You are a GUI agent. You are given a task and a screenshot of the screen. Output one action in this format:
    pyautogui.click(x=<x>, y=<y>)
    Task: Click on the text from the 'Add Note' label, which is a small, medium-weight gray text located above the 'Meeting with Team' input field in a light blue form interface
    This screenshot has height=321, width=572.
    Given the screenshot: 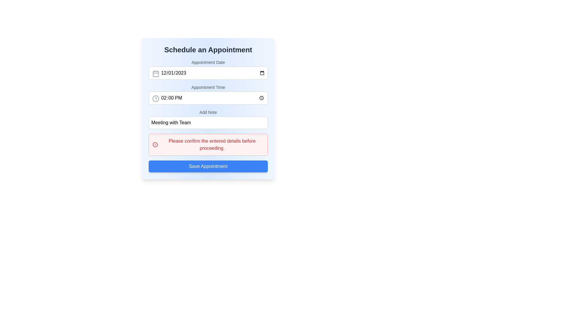 What is the action you would take?
    pyautogui.click(x=208, y=112)
    